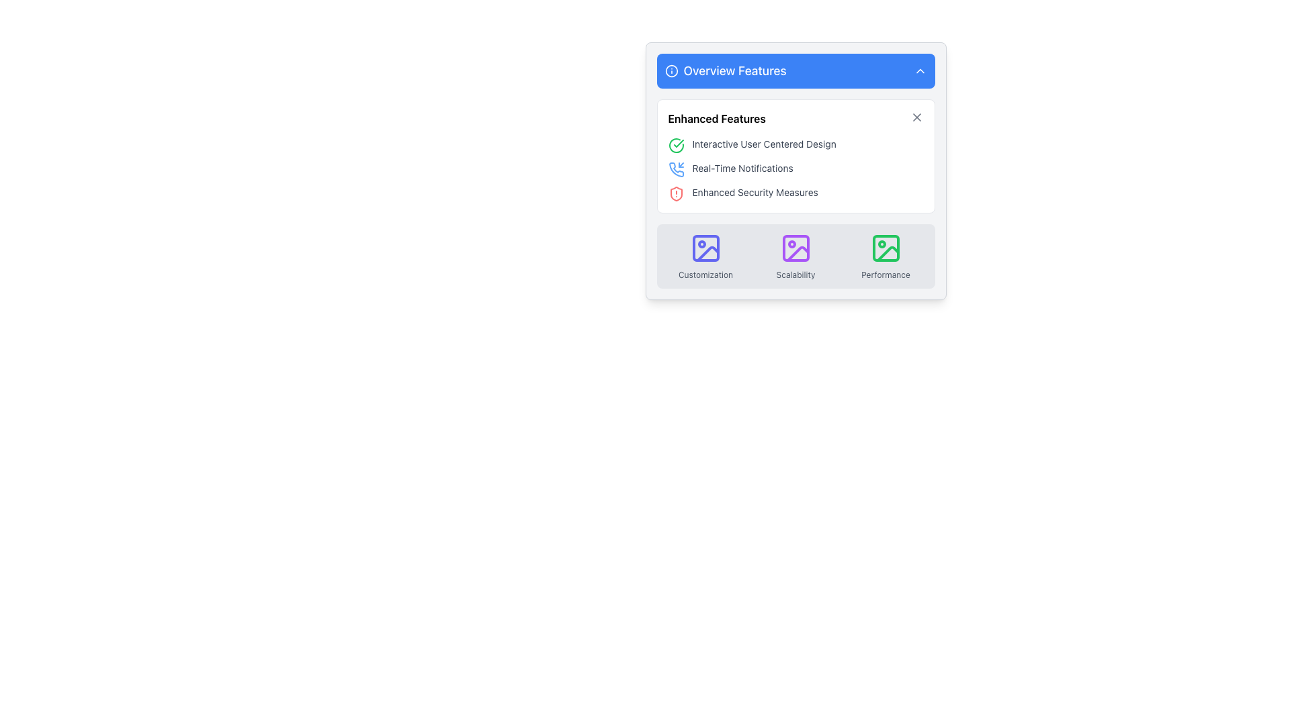  I want to click on the text label displaying 'Real-Time Notifications' in the 'Enhanced Features' panel, so click(742, 167).